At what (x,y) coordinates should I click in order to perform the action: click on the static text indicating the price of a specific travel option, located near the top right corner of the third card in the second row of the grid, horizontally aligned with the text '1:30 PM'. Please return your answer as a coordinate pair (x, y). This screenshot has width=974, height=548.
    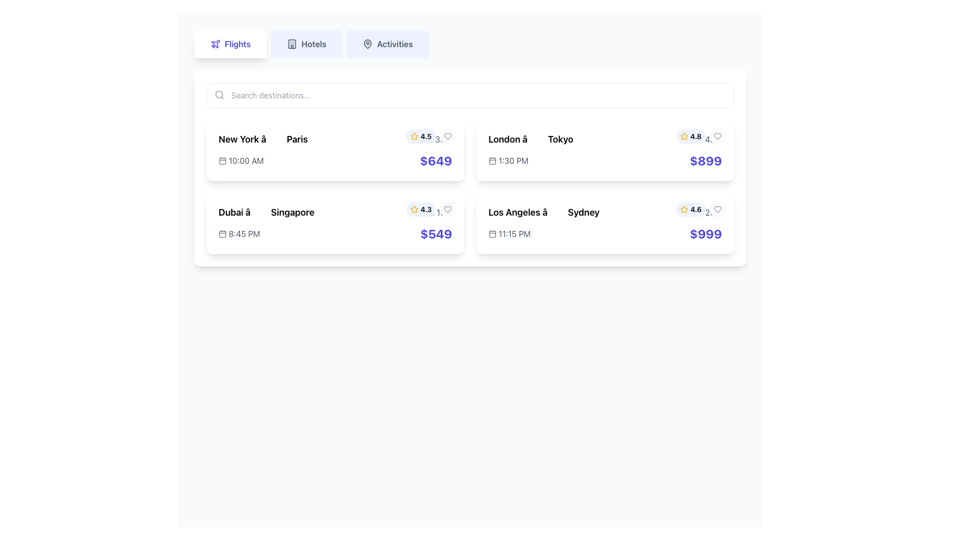
    Looking at the image, I should click on (705, 160).